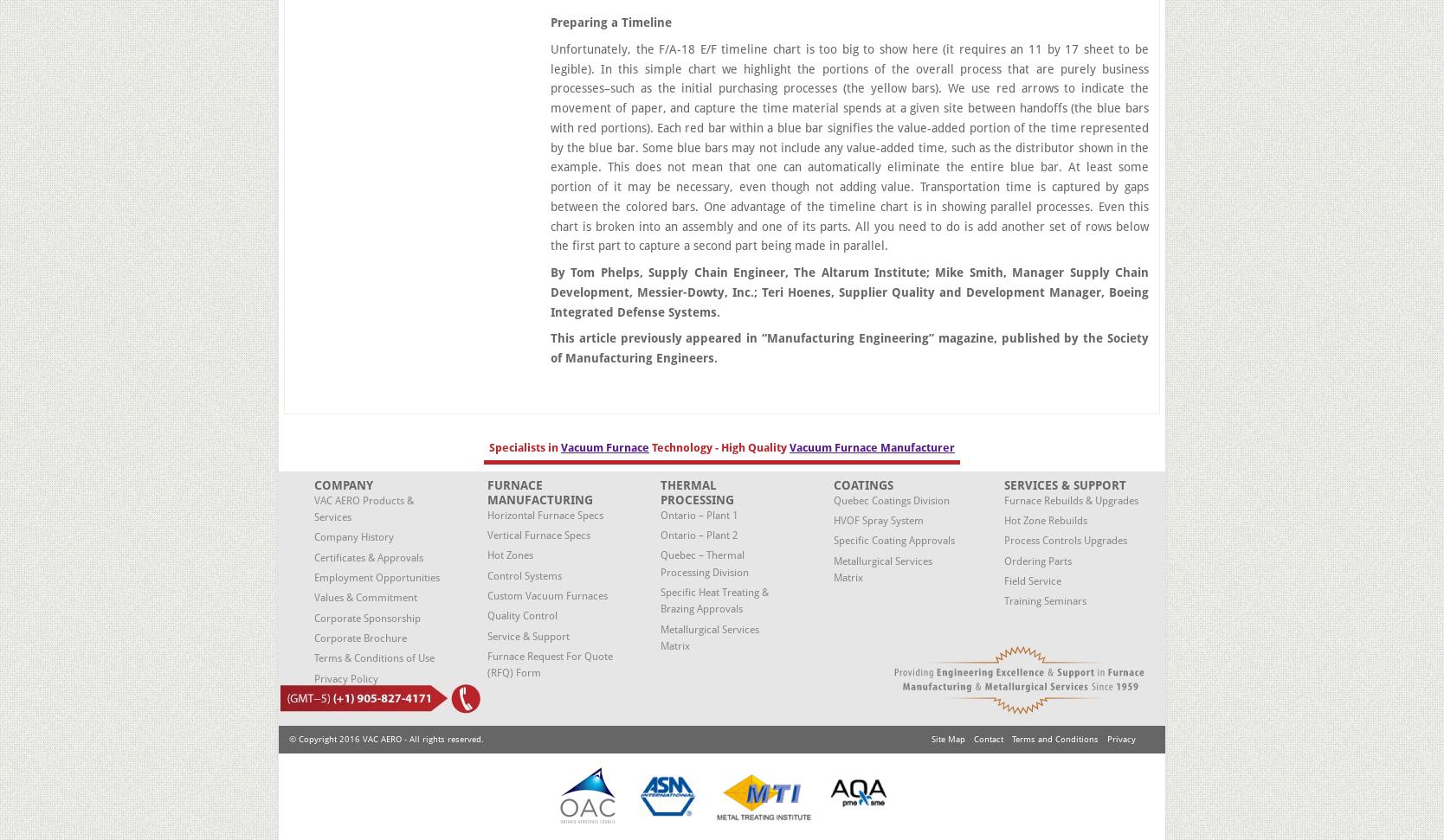 The height and width of the screenshot is (840, 1444). I want to click on 'Technology - High Quality', so click(718, 446).